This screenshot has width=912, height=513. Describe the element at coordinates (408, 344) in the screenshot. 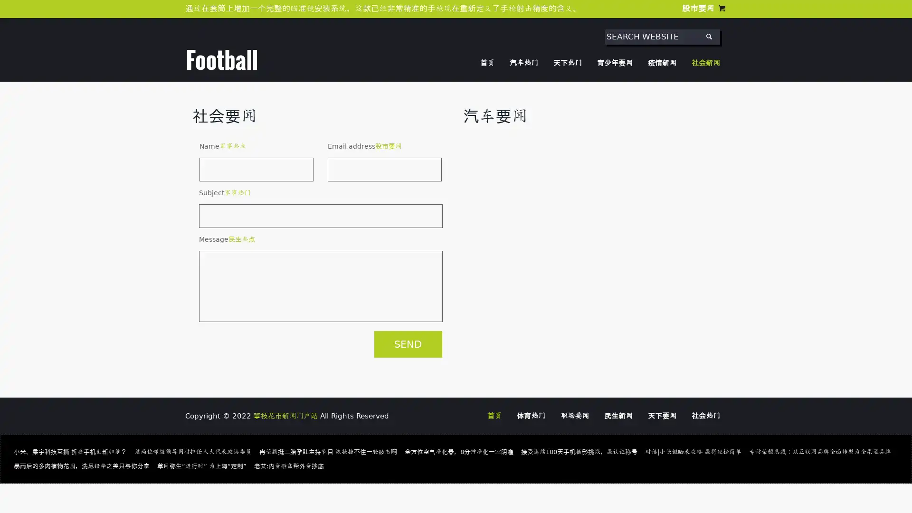

I see `SEND` at that location.